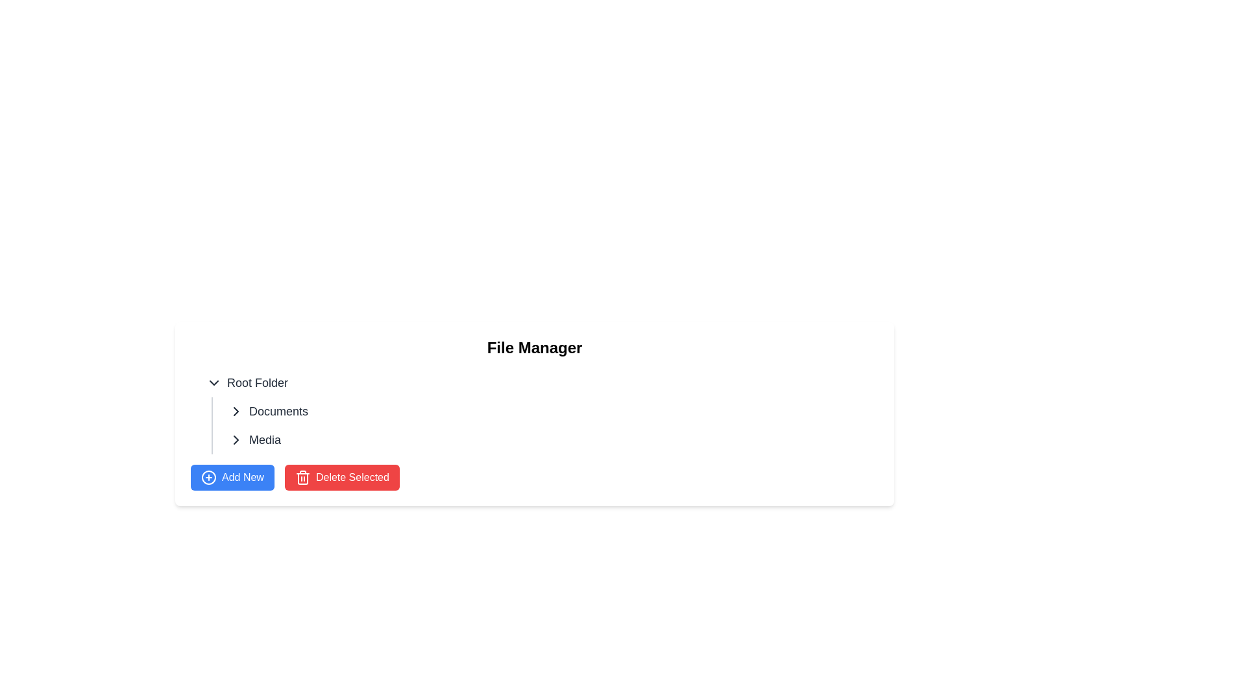 This screenshot has height=700, width=1246. I want to click on the trashcan icon inside the 'Delete Selected' button, which has a red background and white text, so click(302, 477).